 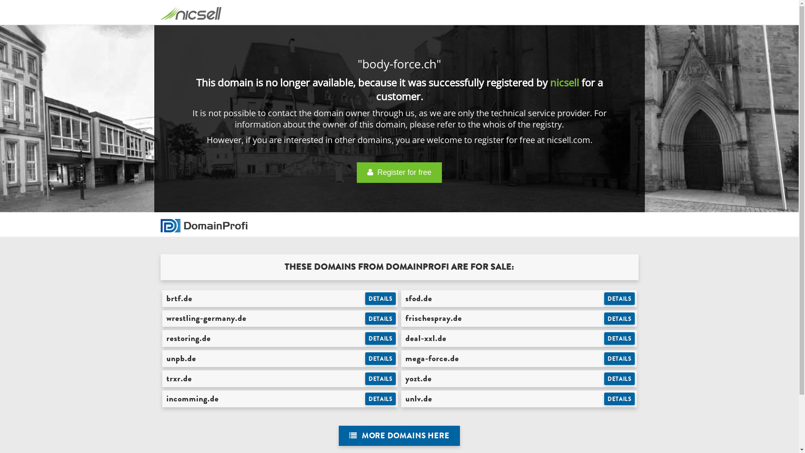 I want to click on 'DETAILS', so click(x=380, y=338).